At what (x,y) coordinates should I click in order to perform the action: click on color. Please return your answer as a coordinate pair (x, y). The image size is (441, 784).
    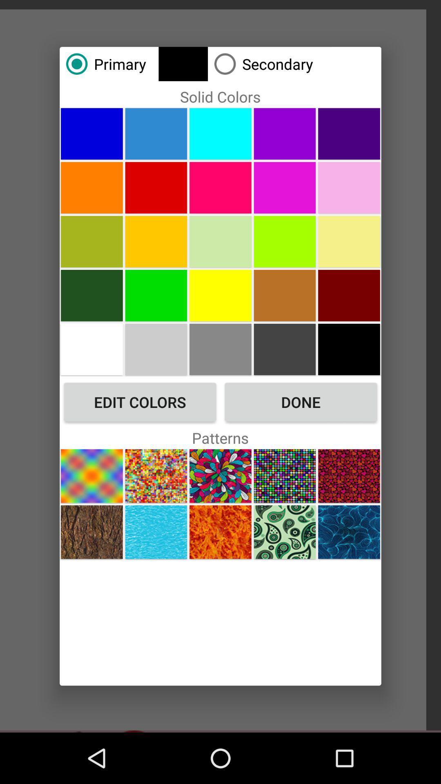
    Looking at the image, I should click on (349, 295).